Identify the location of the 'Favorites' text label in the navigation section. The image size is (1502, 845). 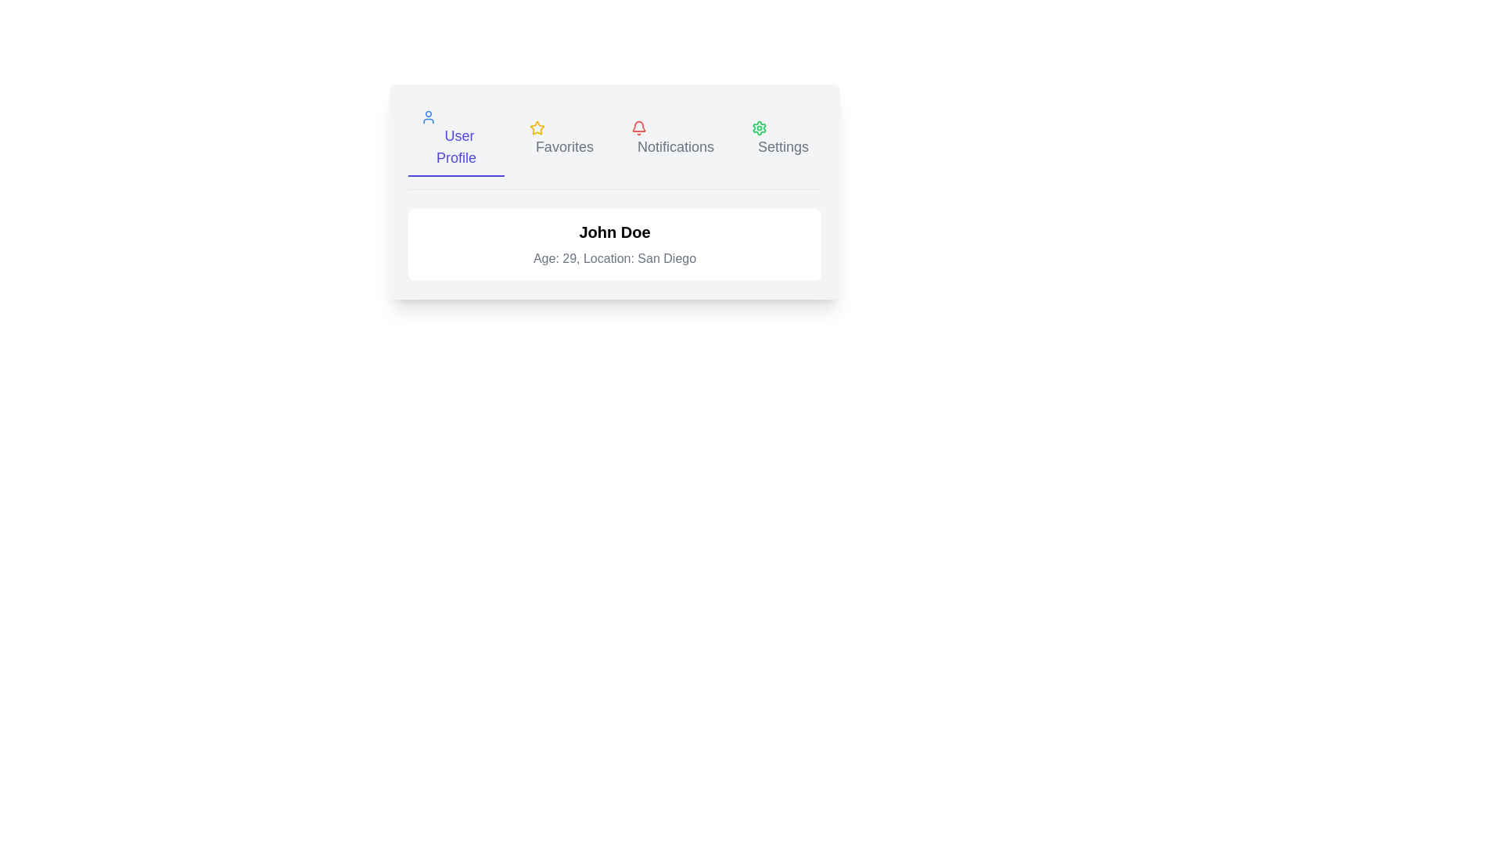
(563, 147).